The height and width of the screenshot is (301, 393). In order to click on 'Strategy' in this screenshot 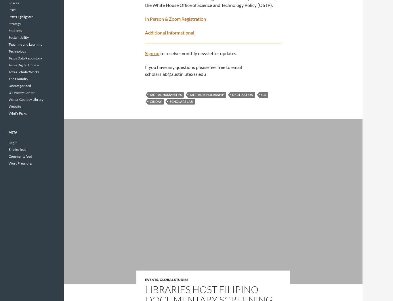, I will do `click(15, 24)`.